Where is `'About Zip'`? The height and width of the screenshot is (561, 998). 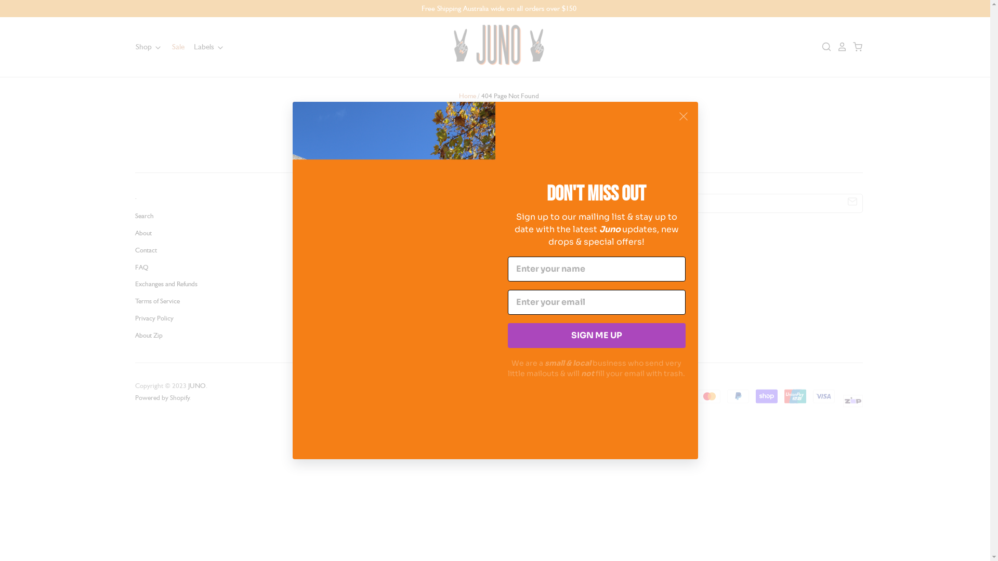 'About Zip' is located at coordinates (134, 335).